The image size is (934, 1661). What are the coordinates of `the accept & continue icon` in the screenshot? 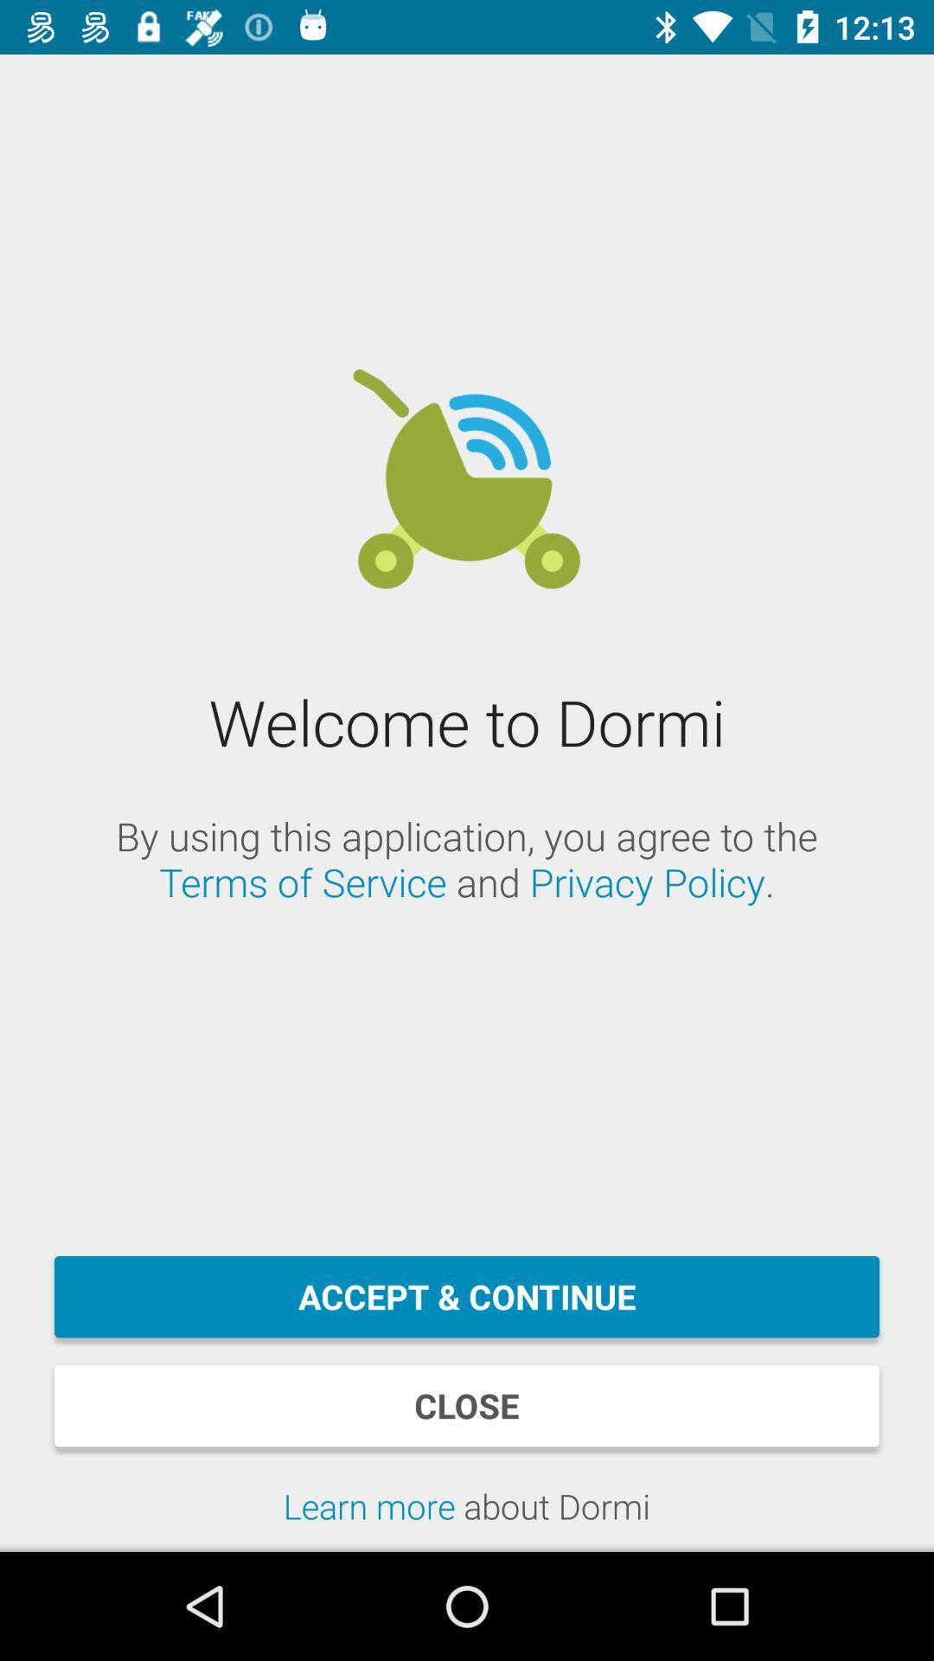 It's located at (467, 1297).